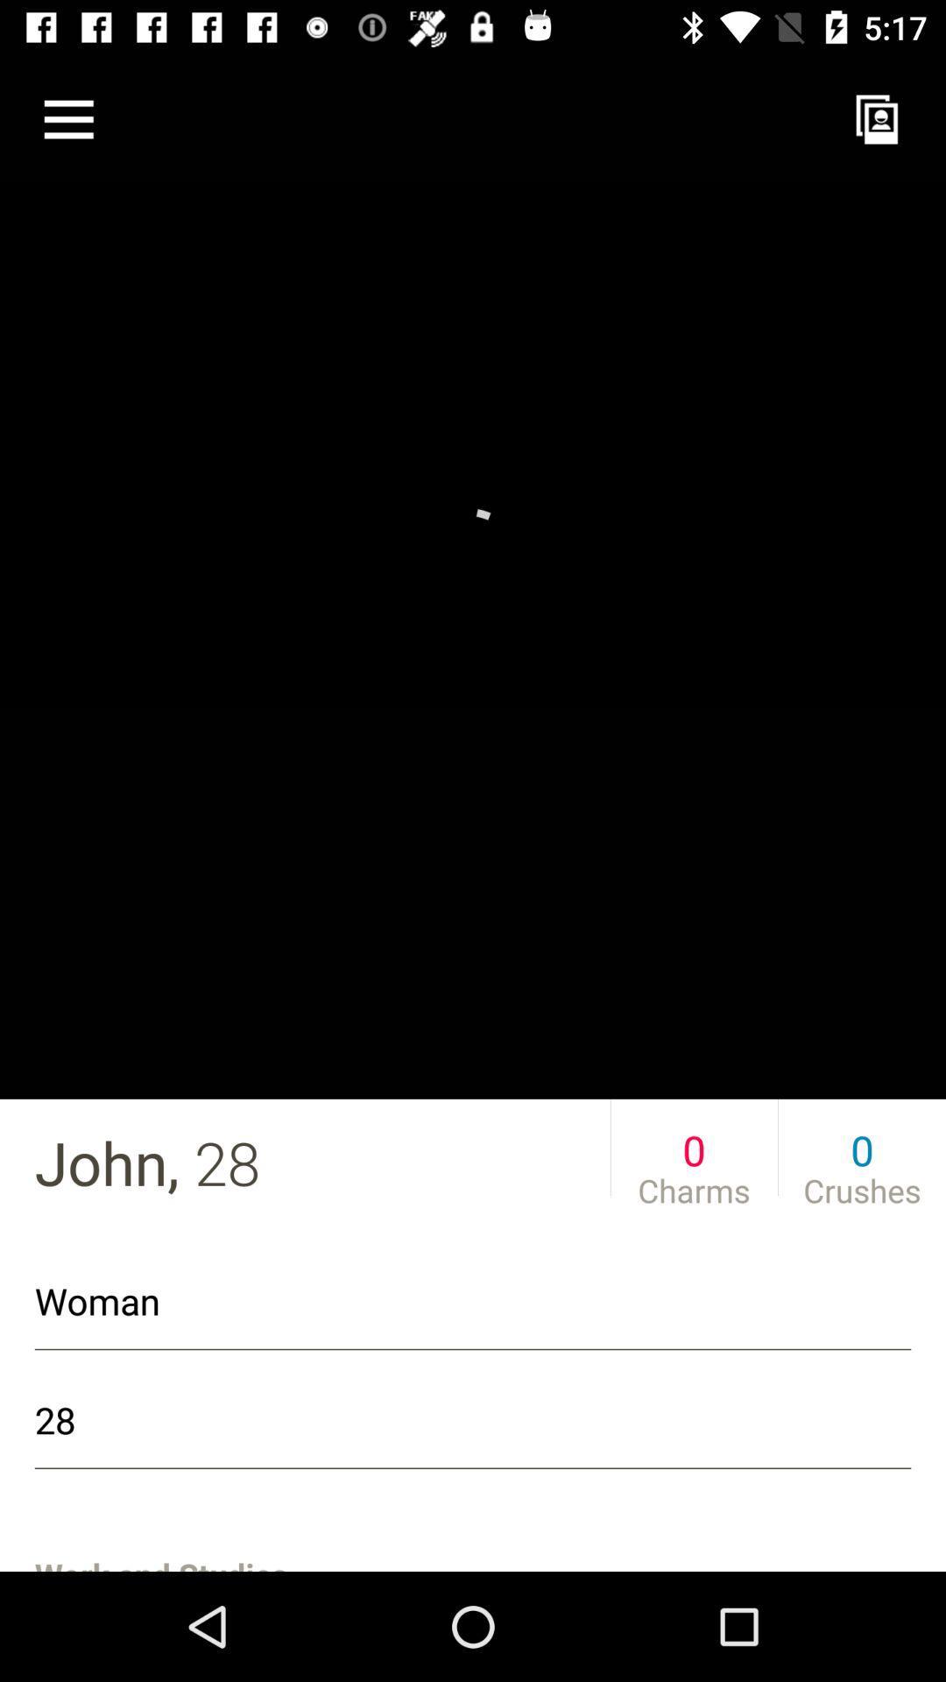  I want to click on the menu icon, so click(67, 118).